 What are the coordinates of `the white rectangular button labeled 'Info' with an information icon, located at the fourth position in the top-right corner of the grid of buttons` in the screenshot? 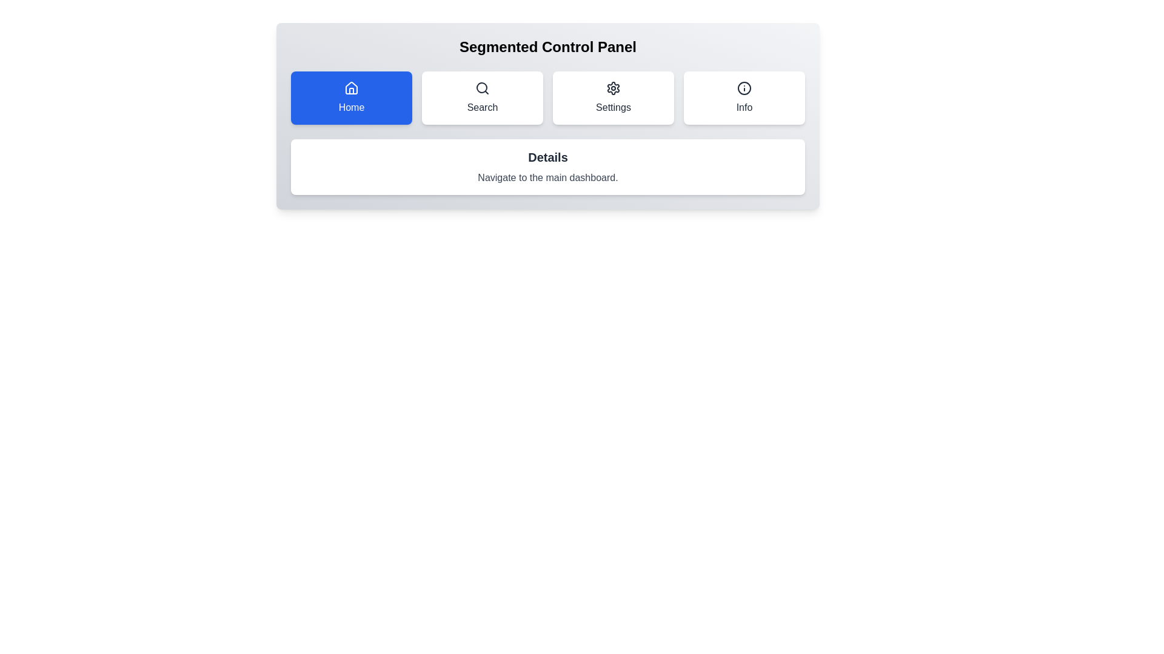 It's located at (744, 97).